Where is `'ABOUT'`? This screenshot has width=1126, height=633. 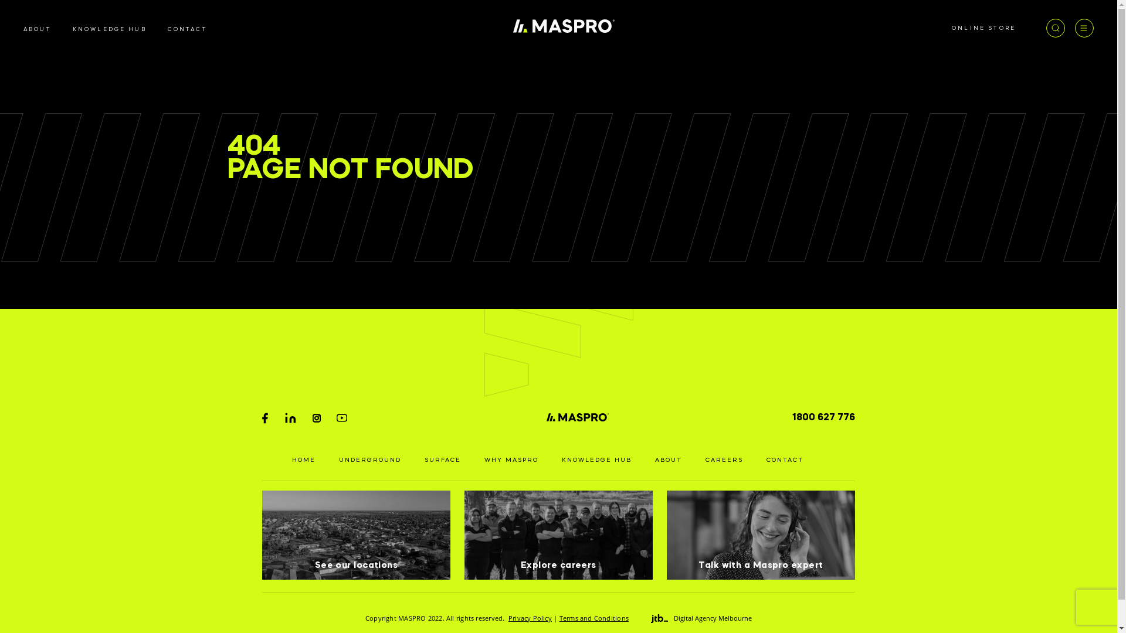 'ABOUT' is located at coordinates (23, 29).